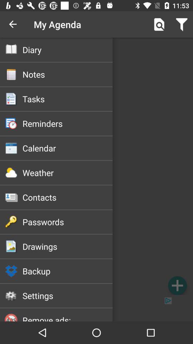  Describe the element at coordinates (68, 221) in the screenshot. I see `icon below contacts item` at that location.